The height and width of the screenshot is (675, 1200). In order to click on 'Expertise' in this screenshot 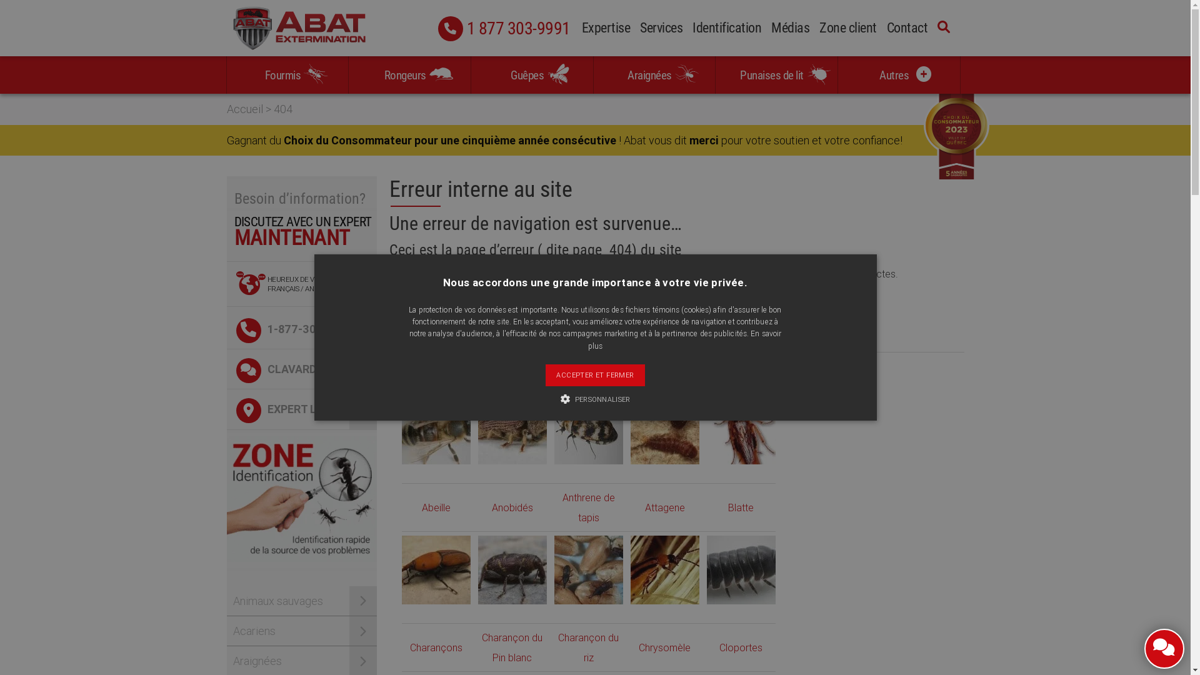, I will do `click(606, 29)`.